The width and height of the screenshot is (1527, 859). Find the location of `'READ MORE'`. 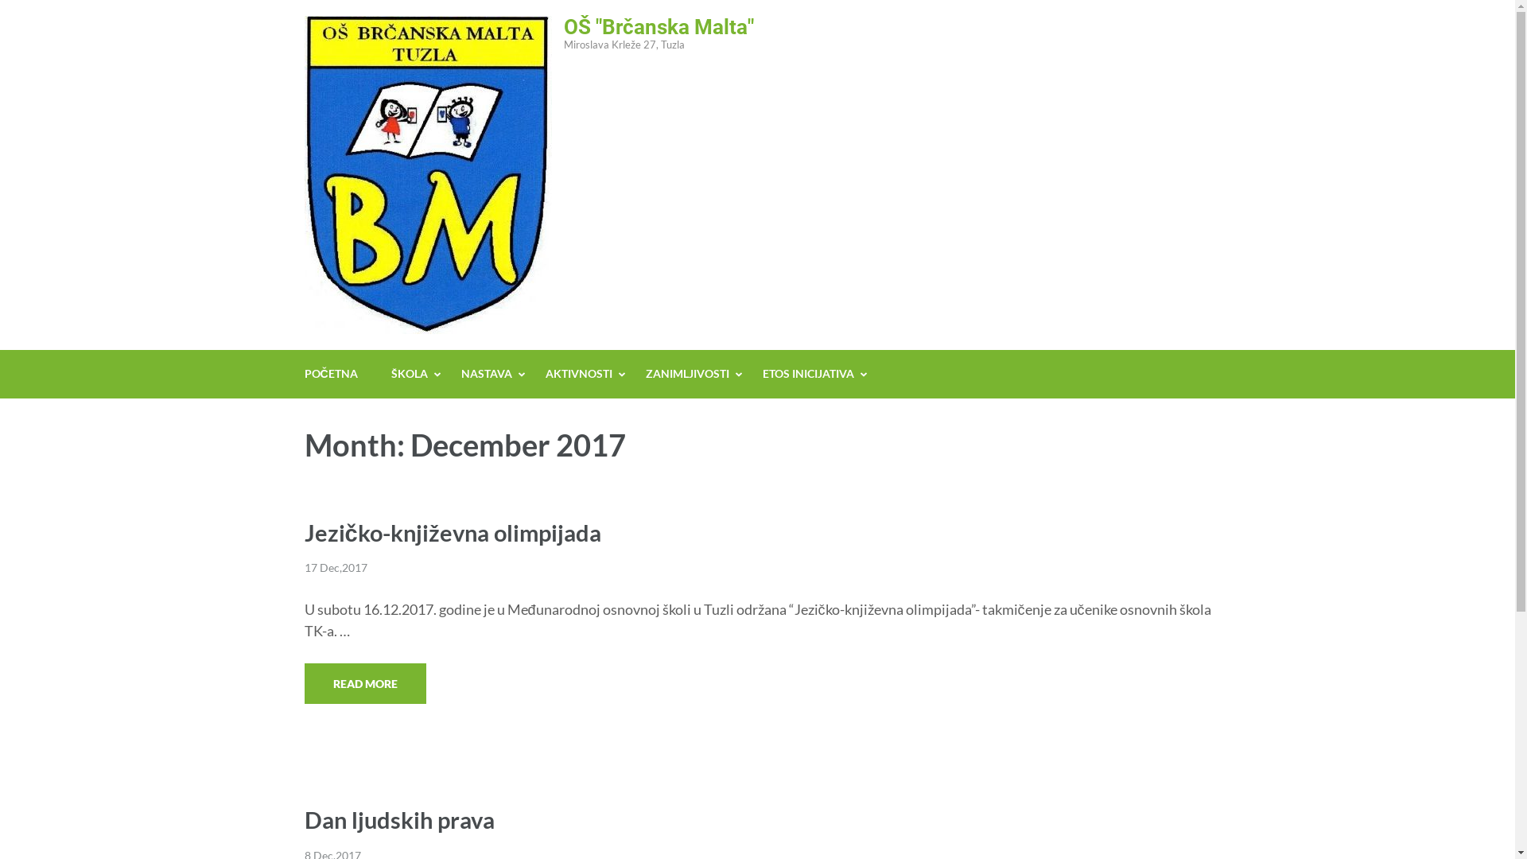

'READ MORE' is located at coordinates (363, 682).